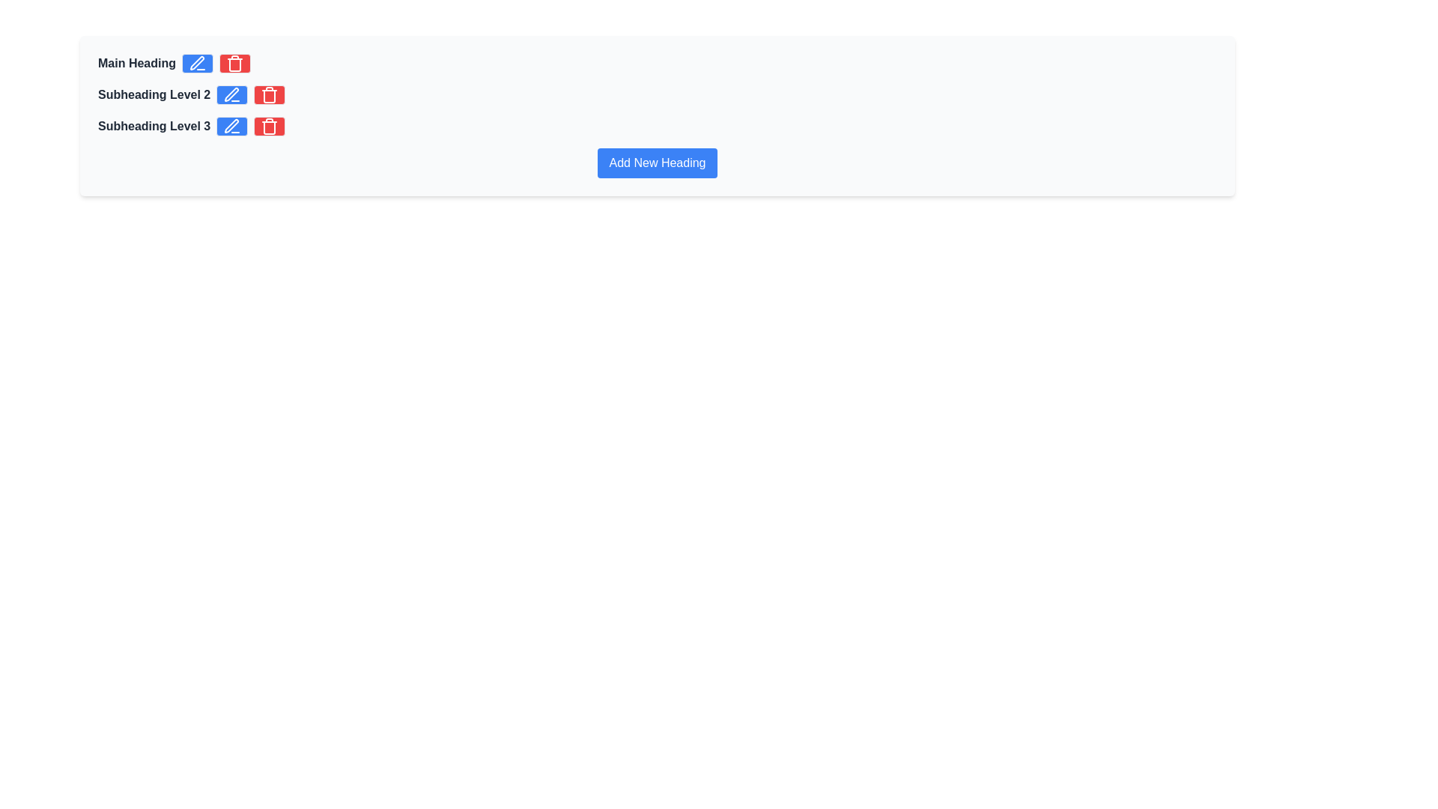 The width and height of the screenshot is (1438, 809). Describe the element at coordinates (231, 126) in the screenshot. I see `the small stylized pen icon button with a blue background and white outline, located in the right column of action buttons, next to Subheading Level 3, to initiate editing` at that location.